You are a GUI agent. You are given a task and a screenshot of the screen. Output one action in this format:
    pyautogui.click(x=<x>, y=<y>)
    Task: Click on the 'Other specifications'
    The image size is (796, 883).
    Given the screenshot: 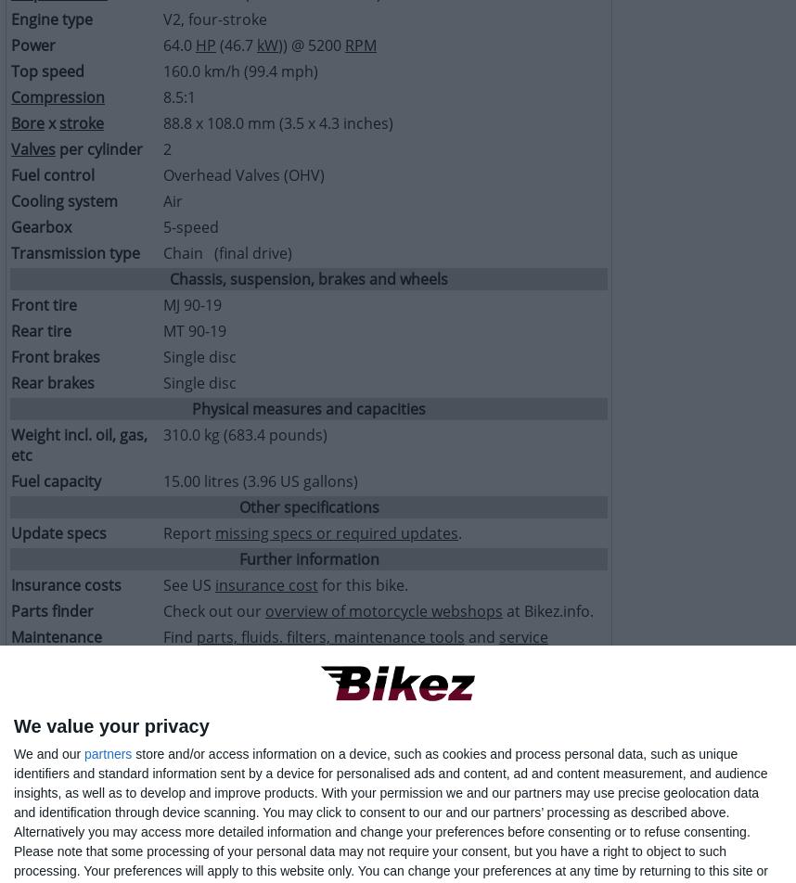 What is the action you would take?
    pyautogui.click(x=307, y=507)
    